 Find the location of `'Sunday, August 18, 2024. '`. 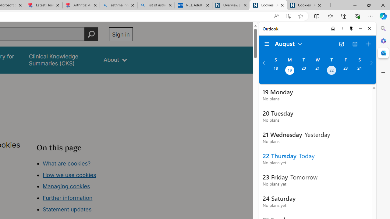

'Sunday, August 18, 2024. ' is located at coordinates (275, 71).